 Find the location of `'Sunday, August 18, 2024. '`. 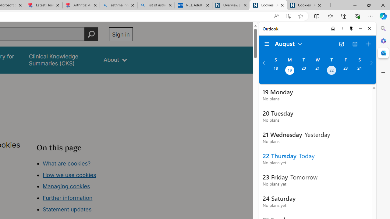

'Sunday, August 18, 2024. ' is located at coordinates (275, 71).